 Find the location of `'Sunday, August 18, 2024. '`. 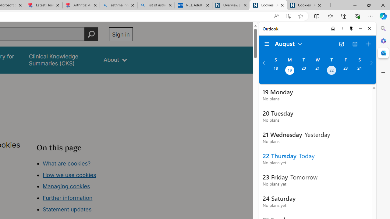

'Sunday, August 18, 2024. ' is located at coordinates (275, 71).